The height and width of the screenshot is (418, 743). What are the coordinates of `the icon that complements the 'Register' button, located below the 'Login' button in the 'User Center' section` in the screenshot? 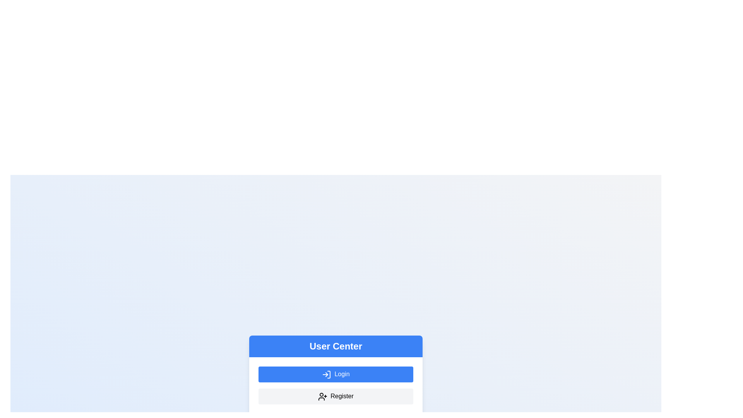 It's located at (323, 396).